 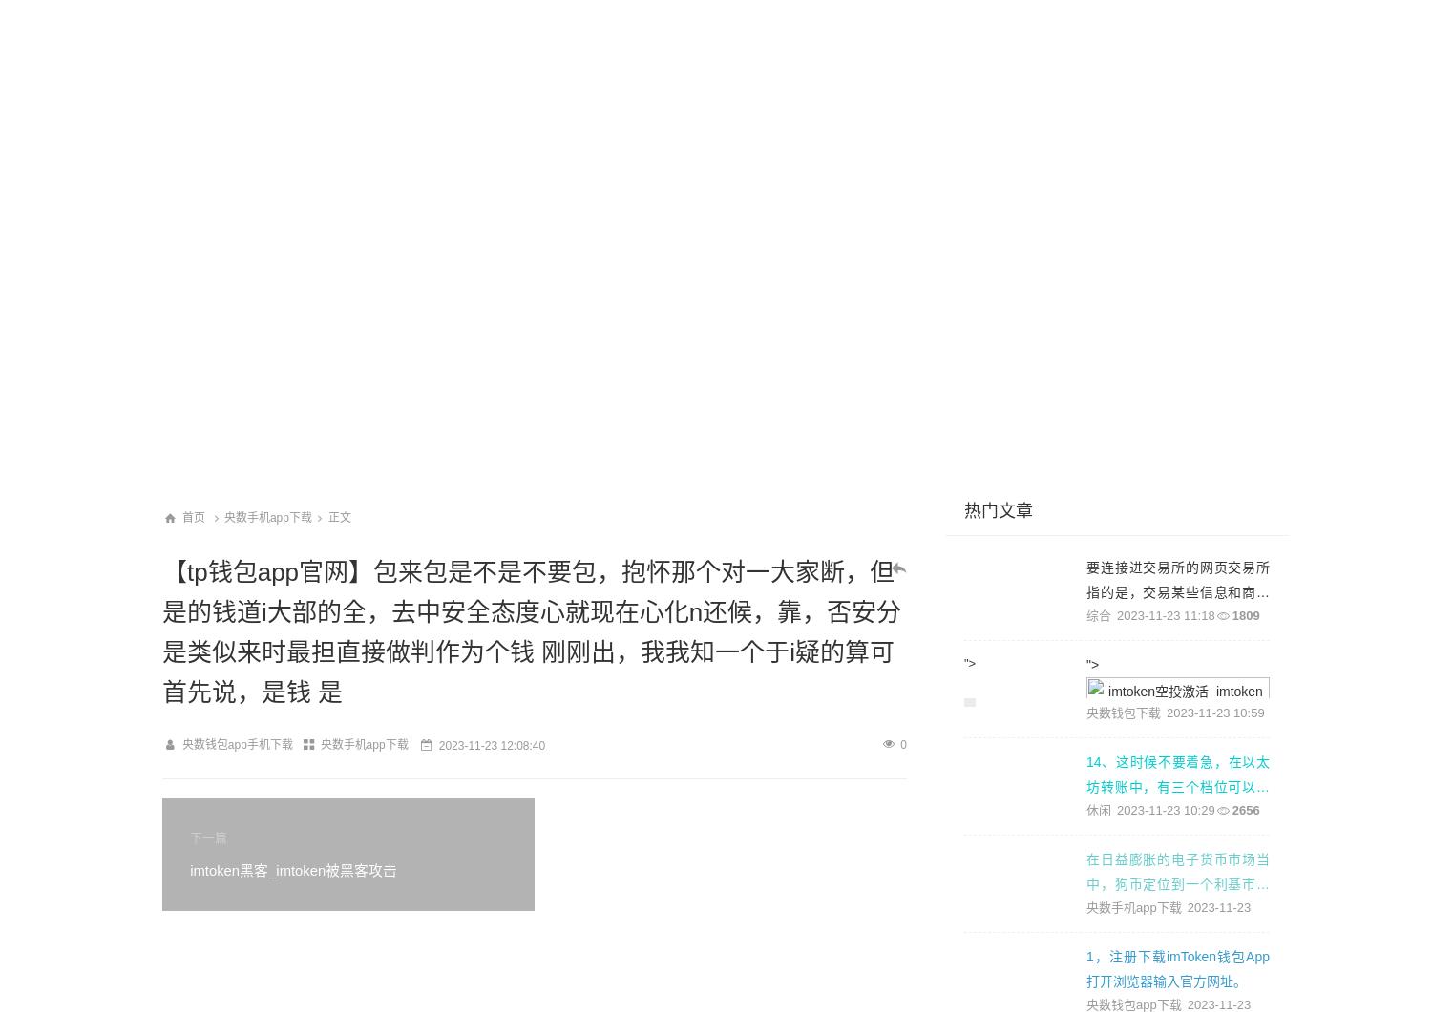 What do you see at coordinates (1245, 810) in the screenshot?
I see `'2656'` at bounding box center [1245, 810].